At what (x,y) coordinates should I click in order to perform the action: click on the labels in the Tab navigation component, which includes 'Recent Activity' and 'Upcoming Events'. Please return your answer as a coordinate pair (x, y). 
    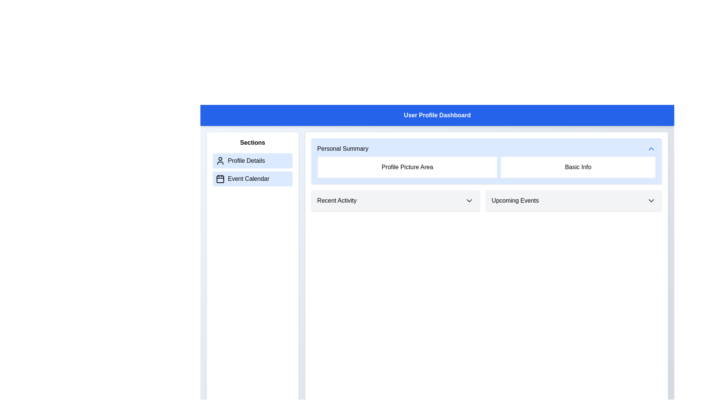
    Looking at the image, I should click on (486, 200).